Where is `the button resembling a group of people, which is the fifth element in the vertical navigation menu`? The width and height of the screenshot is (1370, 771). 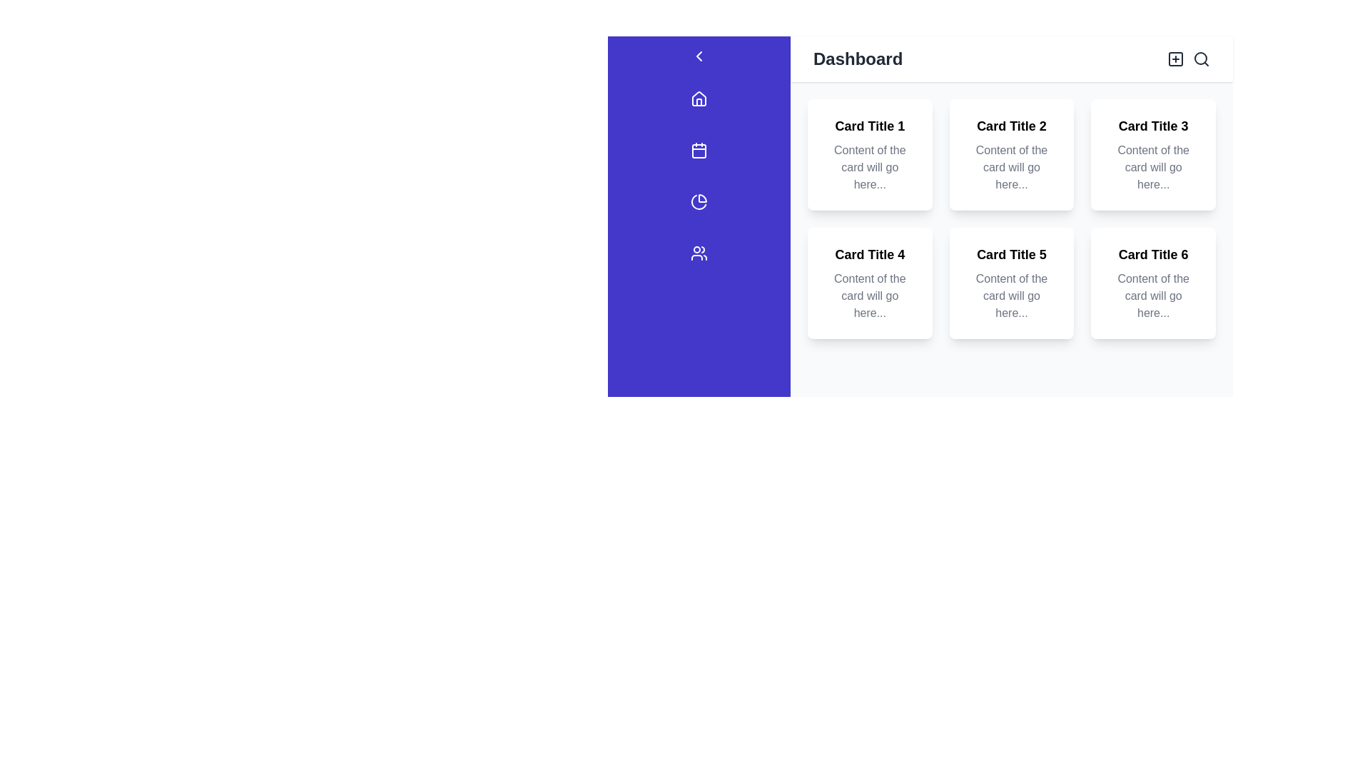
the button resembling a group of people, which is the fifth element in the vertical navigation menu is located at coordinates (699, 255).